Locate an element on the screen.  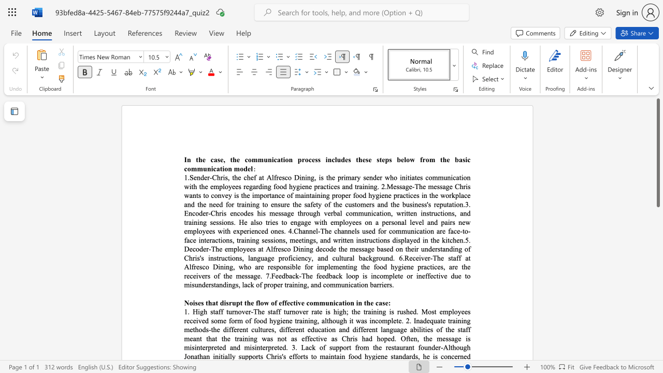
the 4th character "e" in the text is located at coordinates (252, 177).